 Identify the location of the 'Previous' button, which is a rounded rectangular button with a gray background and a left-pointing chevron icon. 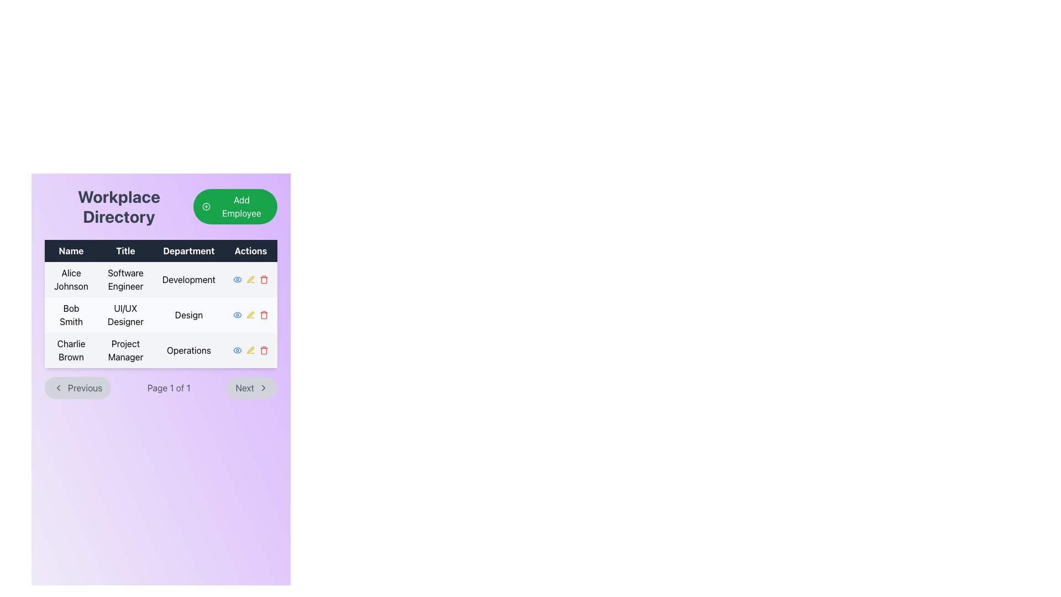
(77, 387).